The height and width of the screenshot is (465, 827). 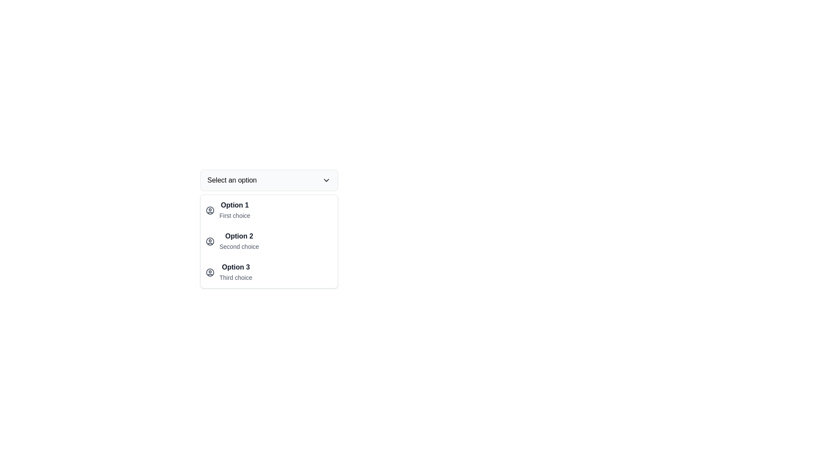 What do you see at coordinates (235, 211) in the screenshot?
I see `to select 'Option 1' in the dropdown menu positioned under the 'Select an option' title` at bounding box center [235, 211].